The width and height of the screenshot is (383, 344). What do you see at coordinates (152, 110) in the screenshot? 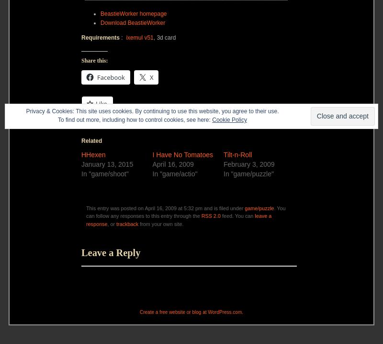
I see `'Privacy & Cookies: This site uses cookies. By continuing to use this website, you agree to their use.'` at bounding box center [152, 110].